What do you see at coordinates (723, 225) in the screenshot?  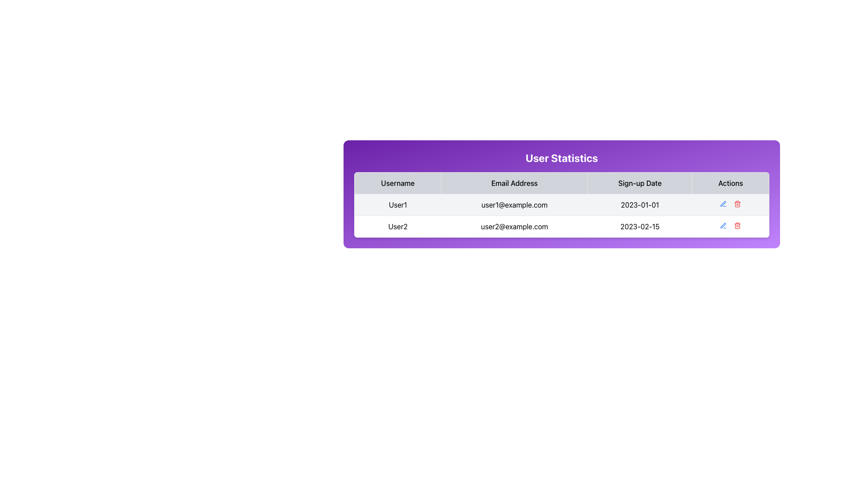 I see `the edit button in the 'Actions' column of the second row in the 'User Statistics' table, which is aligned with 'User2' and adjacent to the red trash can icon` at bounding box center [723, 225].